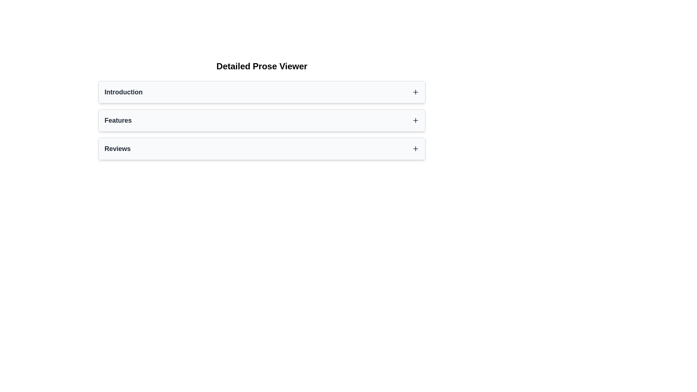  Describe the element at coordinates (118, 120) in the screenshot. I see `the static text label that serves as a title for the section between 'Introduction' and 'Reviews' in the list structure` at that location.